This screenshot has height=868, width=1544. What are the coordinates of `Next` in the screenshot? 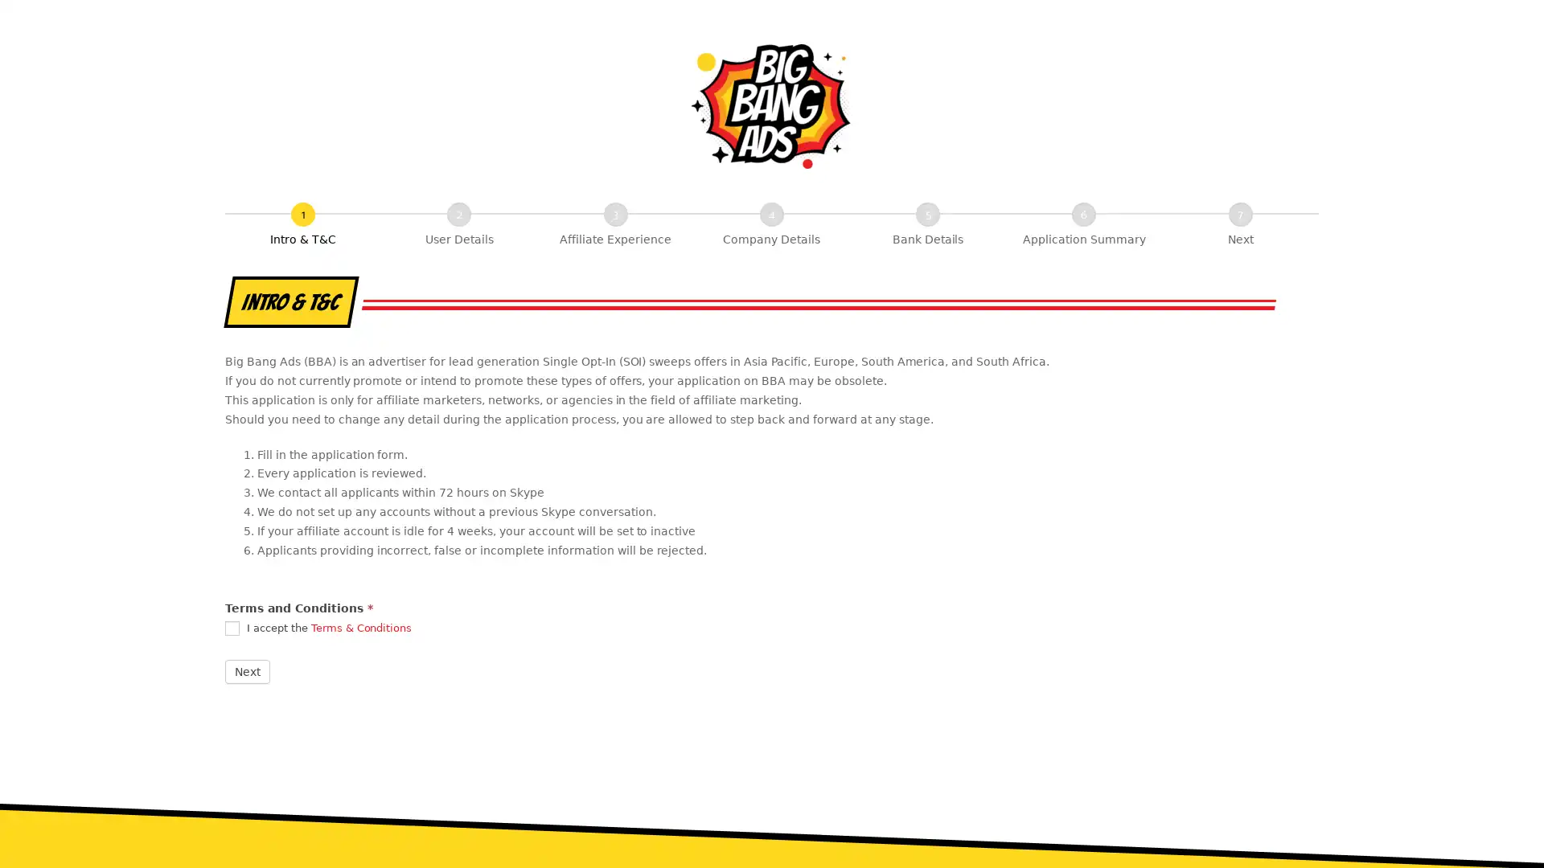 It's located at (246, 672).